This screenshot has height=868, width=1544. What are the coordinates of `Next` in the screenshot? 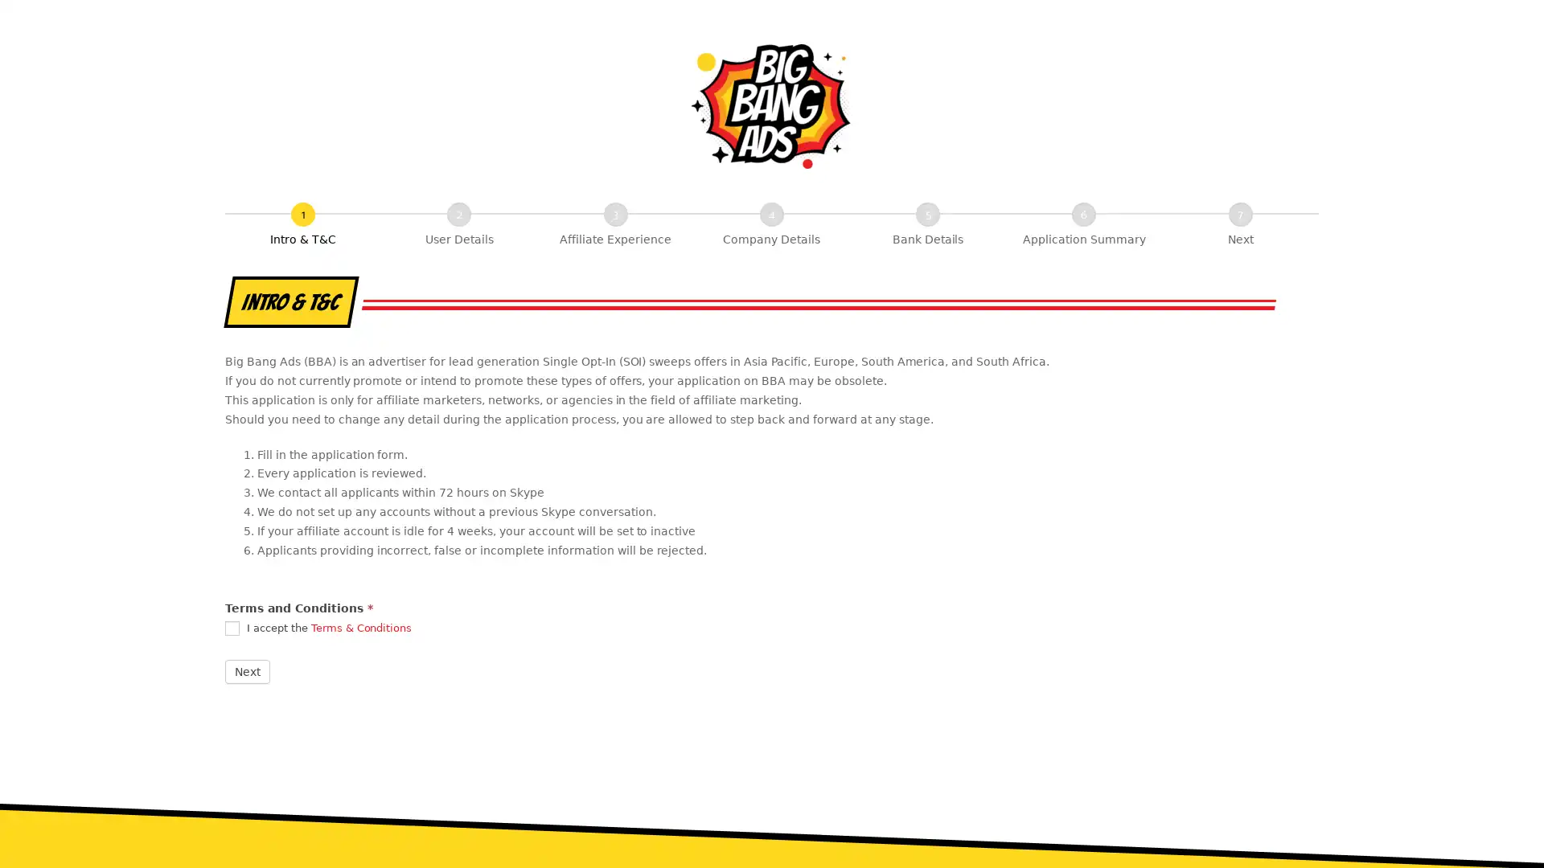 It's located at (246, 672).